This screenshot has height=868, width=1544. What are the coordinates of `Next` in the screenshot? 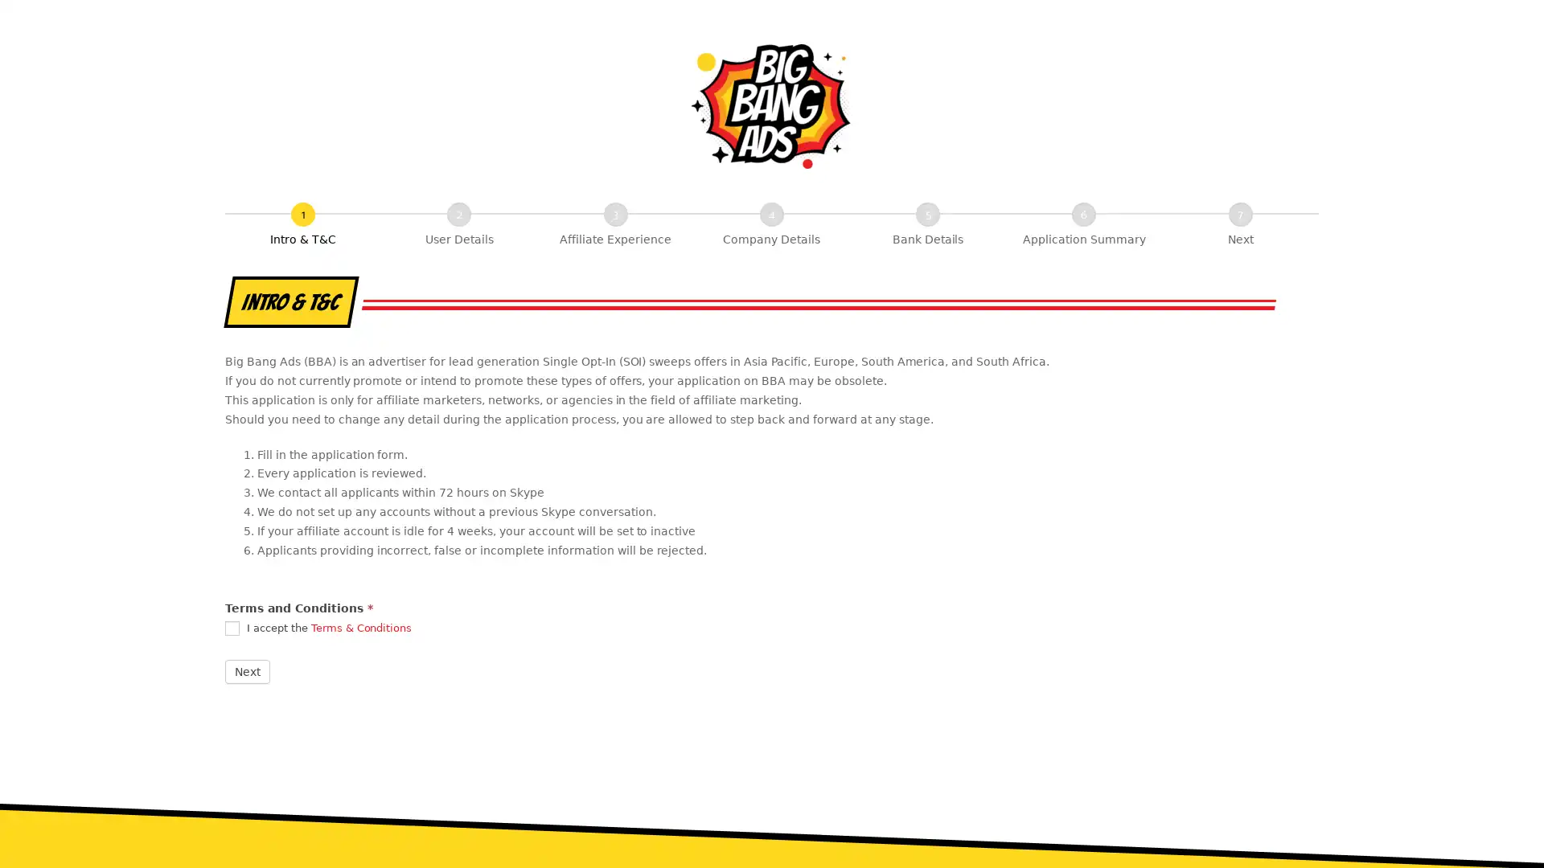 It's located at (246, 672).